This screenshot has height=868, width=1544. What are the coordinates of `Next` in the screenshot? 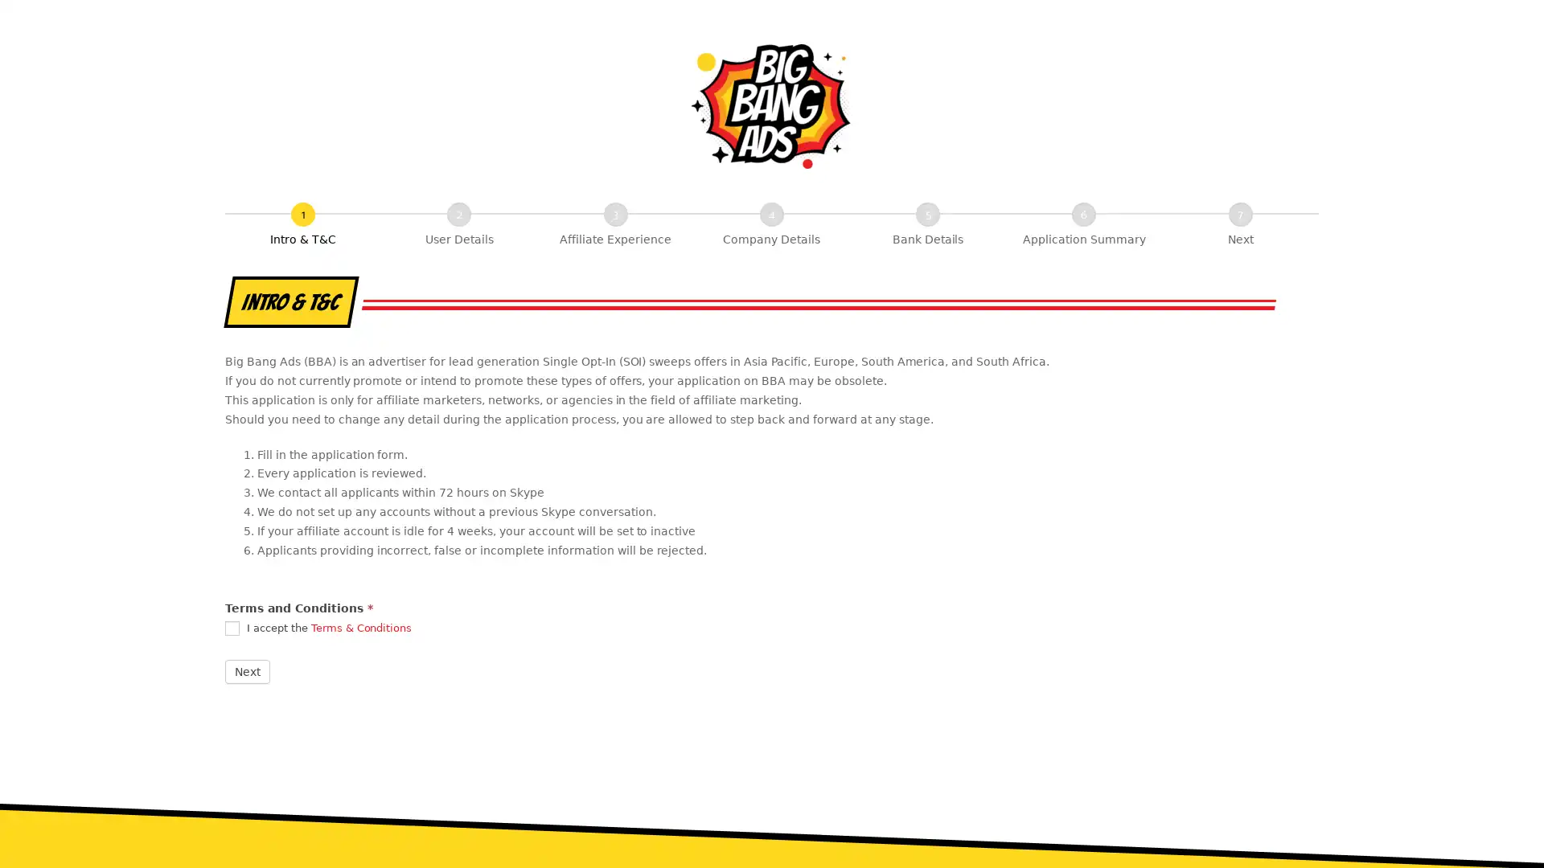 It's located at (246, 672).